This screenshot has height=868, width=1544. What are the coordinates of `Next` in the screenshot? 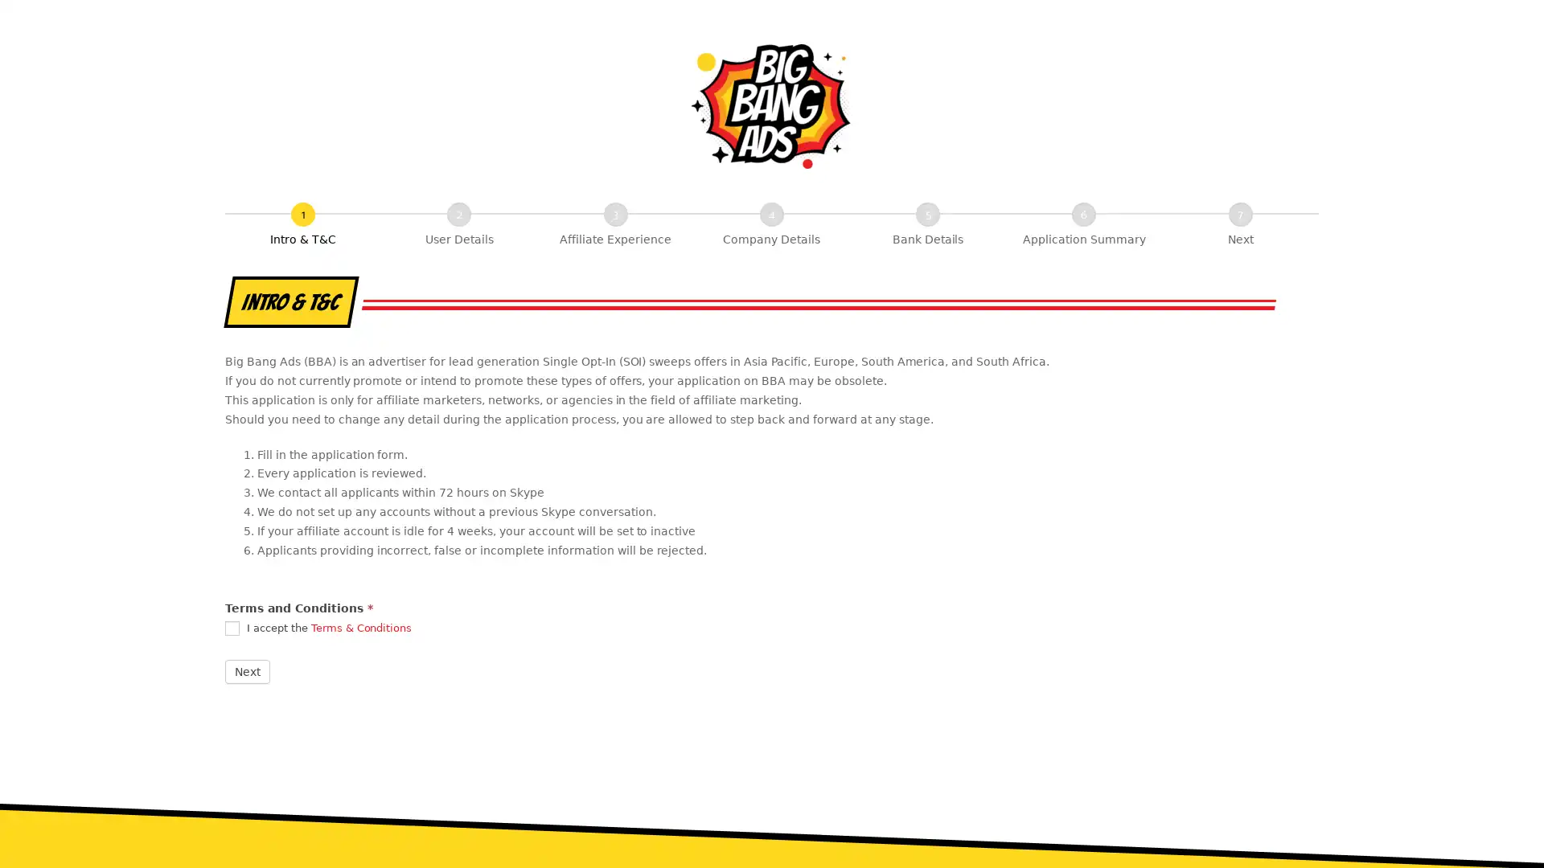 It's located at (246, 672).